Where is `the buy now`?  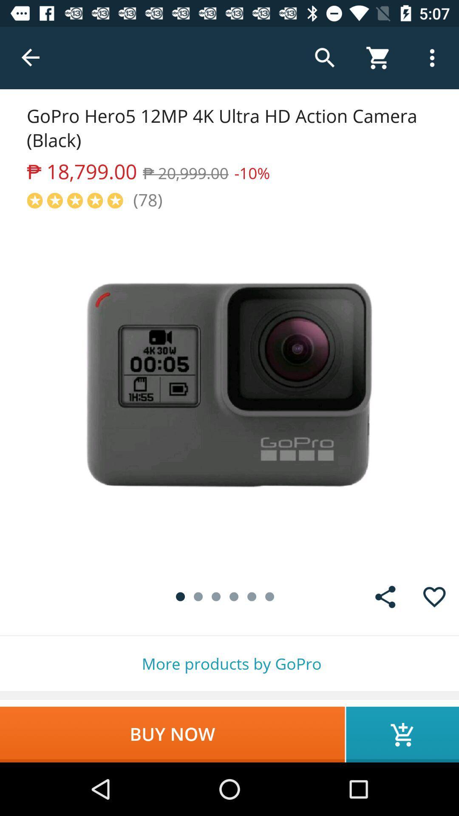
the buy now is located at coordinates (172, 734).